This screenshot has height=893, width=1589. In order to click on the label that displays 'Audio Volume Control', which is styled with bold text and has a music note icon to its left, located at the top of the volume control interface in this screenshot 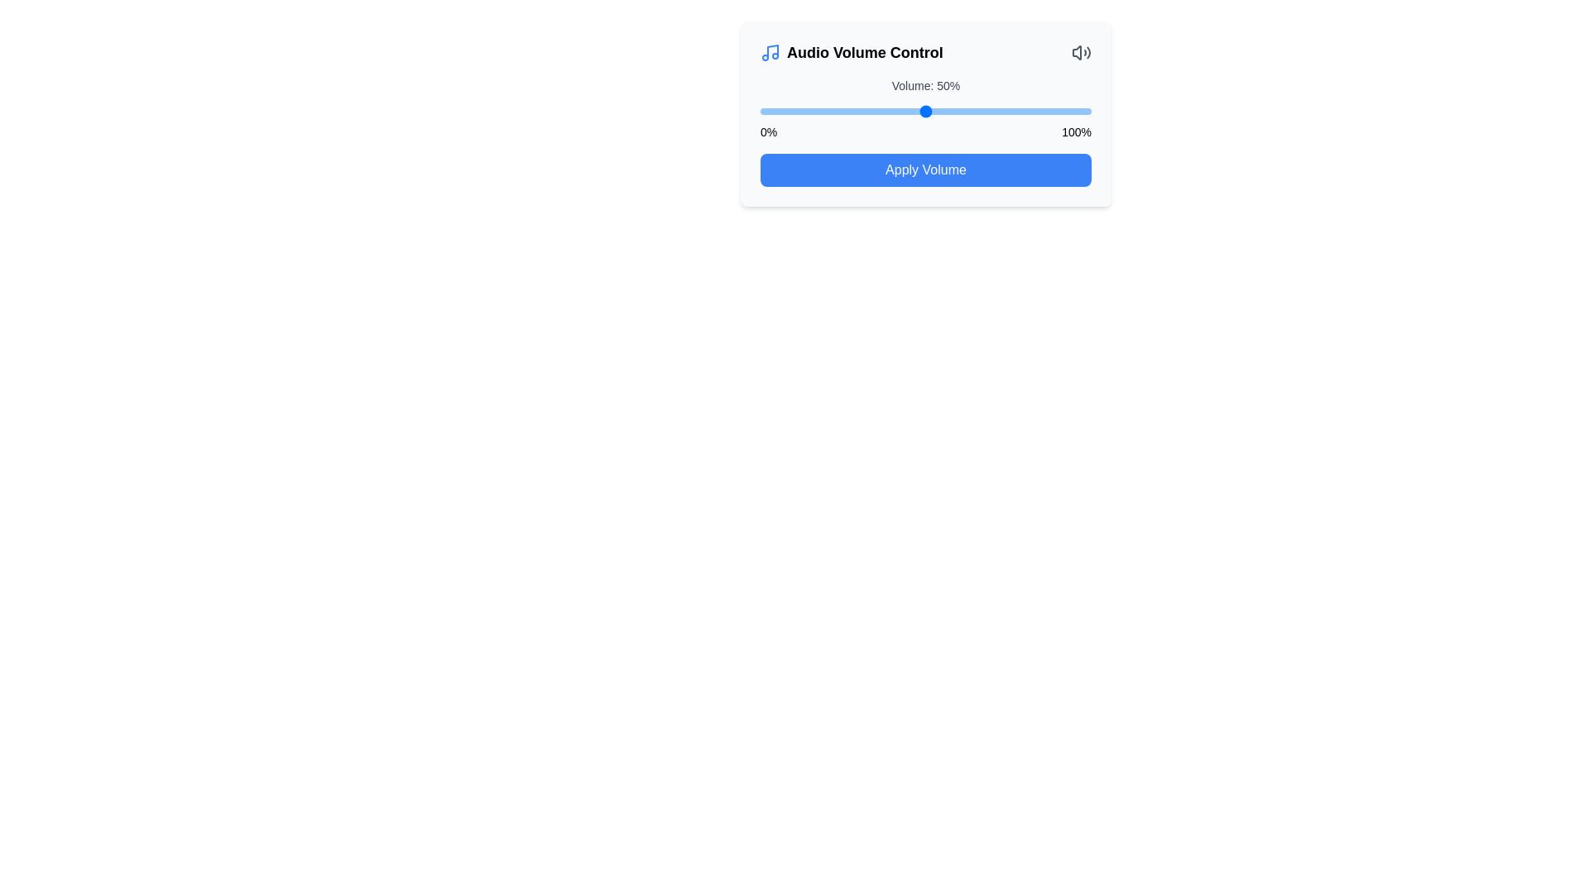, I will do `click(852, 52)`.